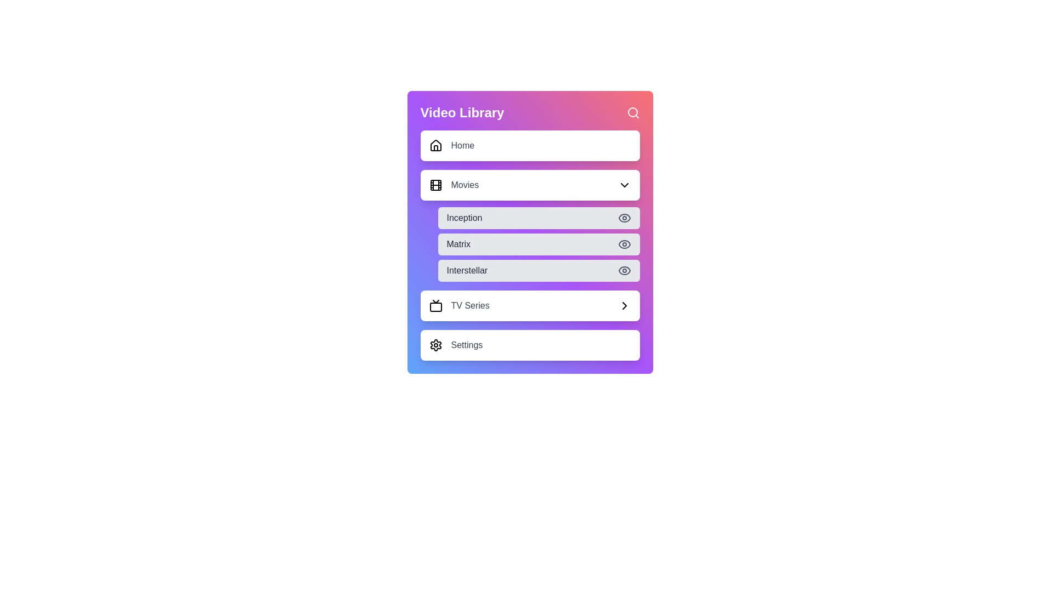 The width and height of the screenshot is (1053, 592). What do you see at coordinates (454, 185) in the screenshot?
I see `the 'Movies' label, which is accompanied by a film reel icon, to highlight the text` at bounding box center [454, 185].